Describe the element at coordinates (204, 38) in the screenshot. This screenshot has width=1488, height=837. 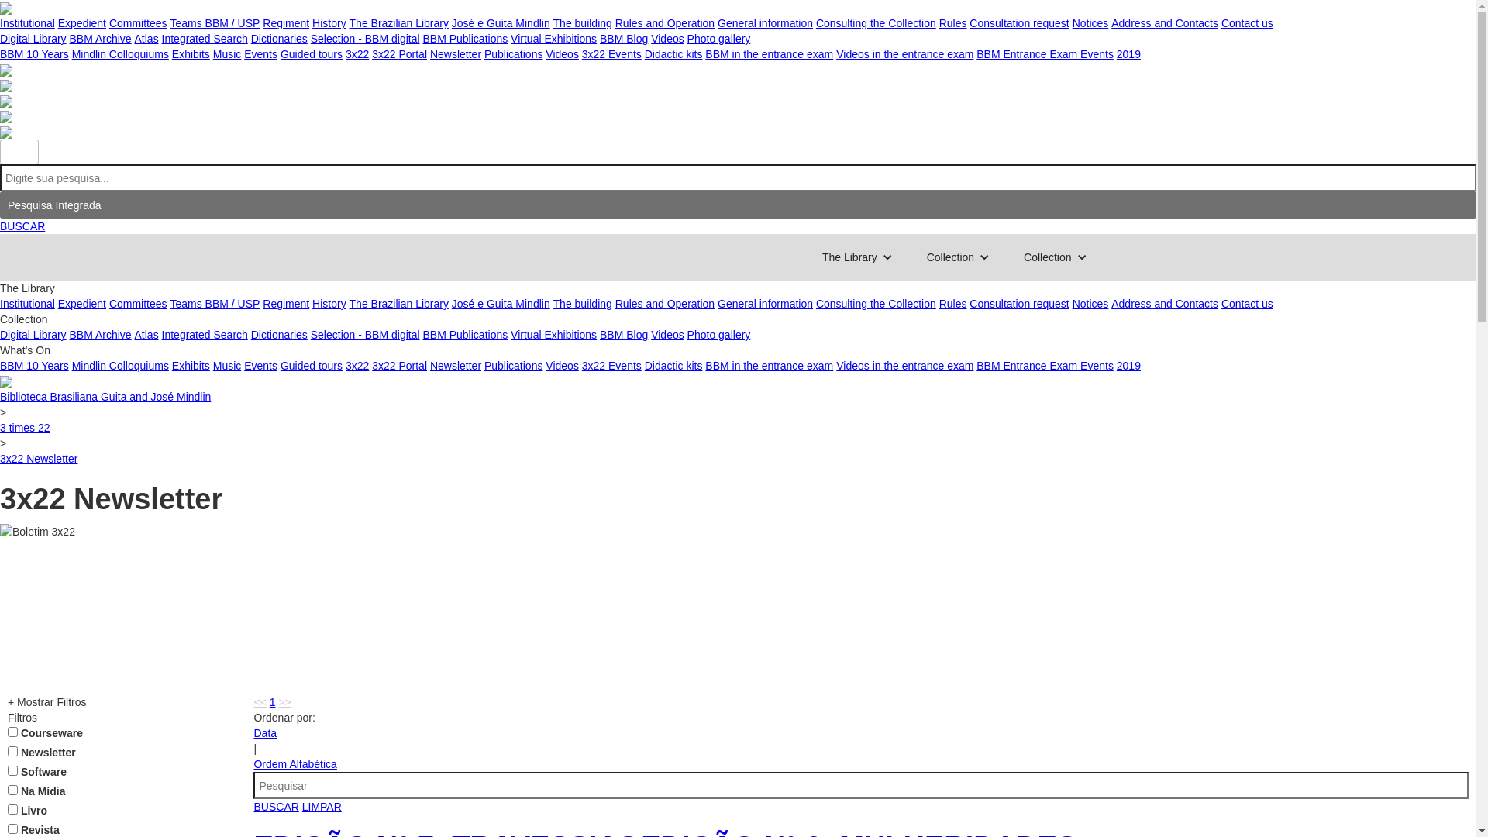
I see `'Integrated Search'` at that location.